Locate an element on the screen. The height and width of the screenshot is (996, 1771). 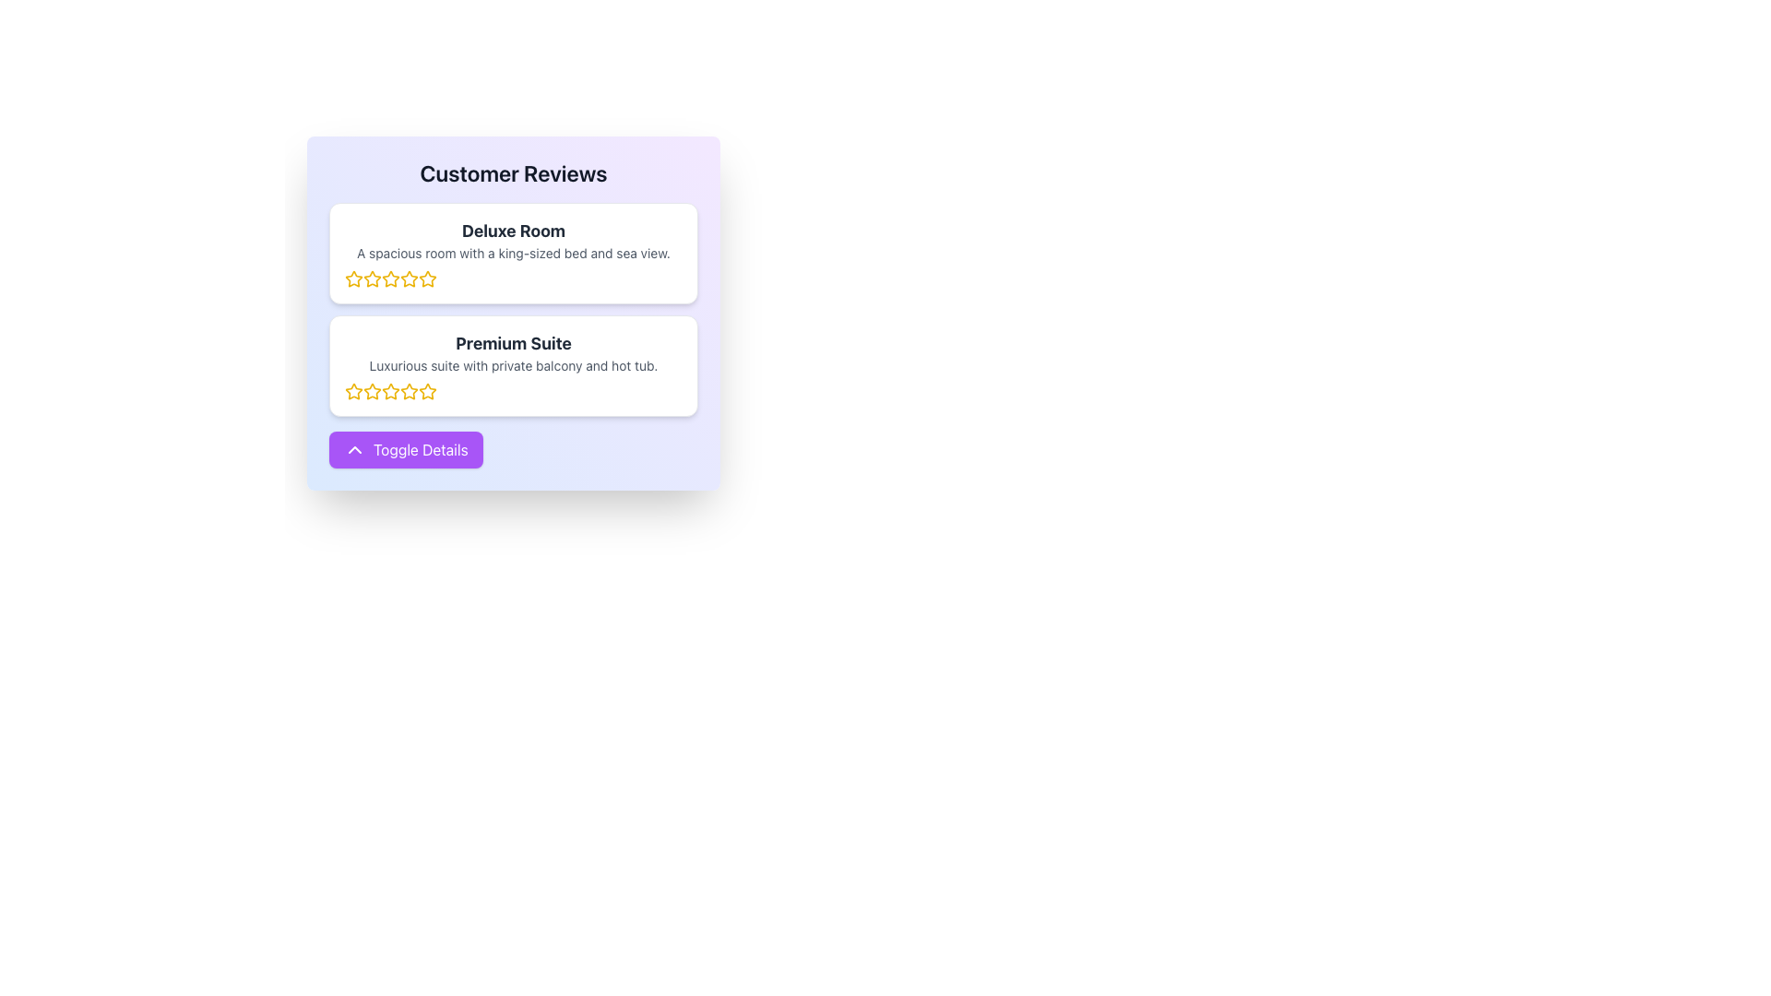
the first star icon in the rating system under the 'Premium Suite' description to indicate a rating is located at coordinates (354, 390).